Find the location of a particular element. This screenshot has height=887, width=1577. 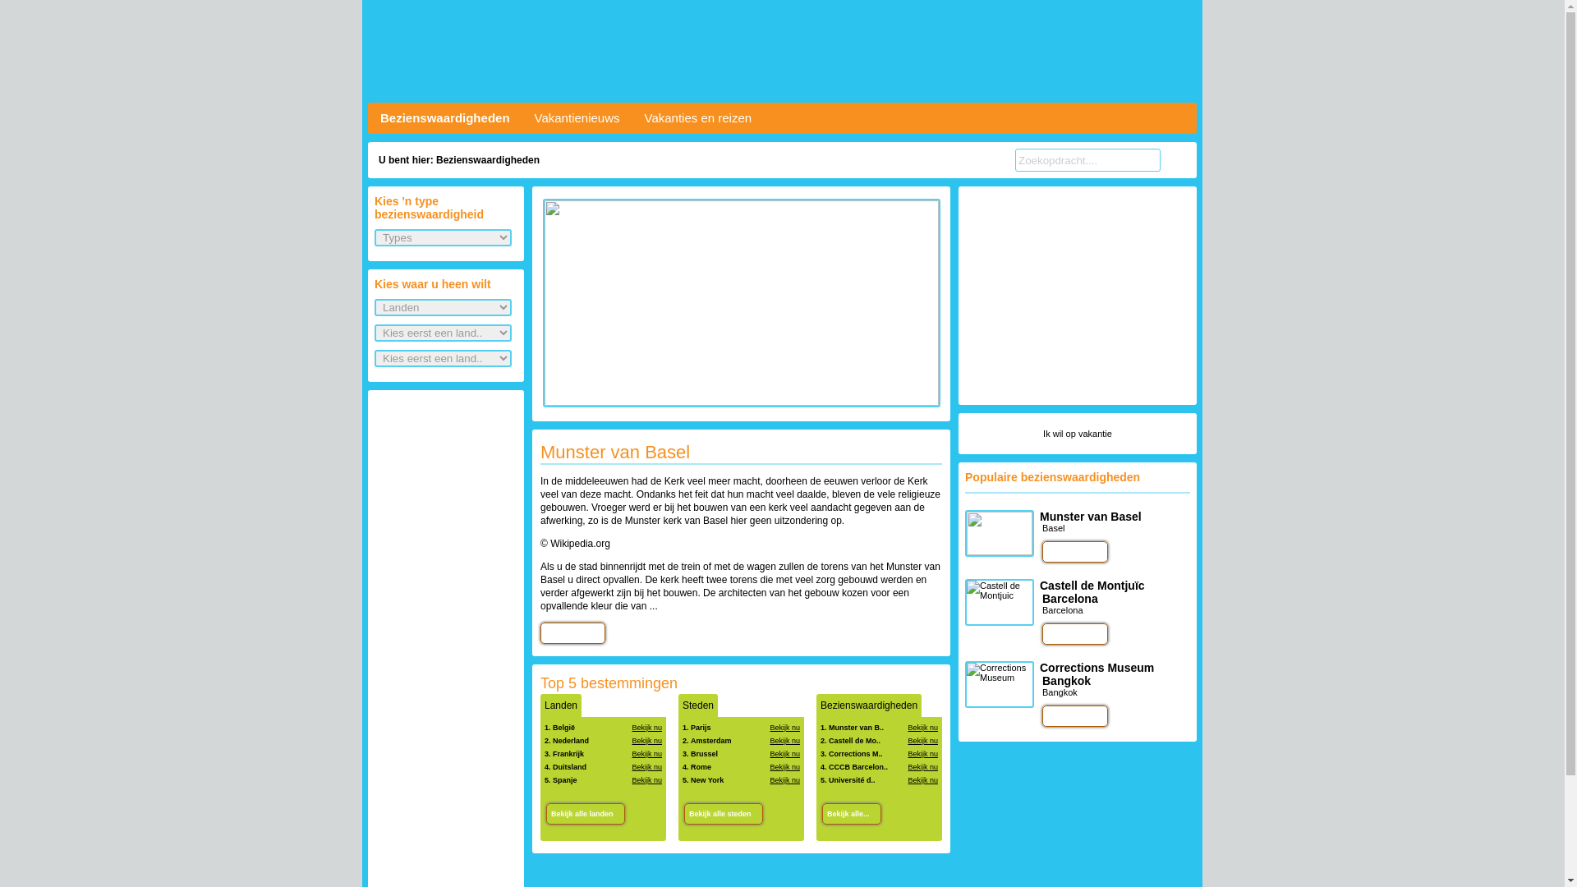

'Bekijk nu' is located at coordinates (646, 754).